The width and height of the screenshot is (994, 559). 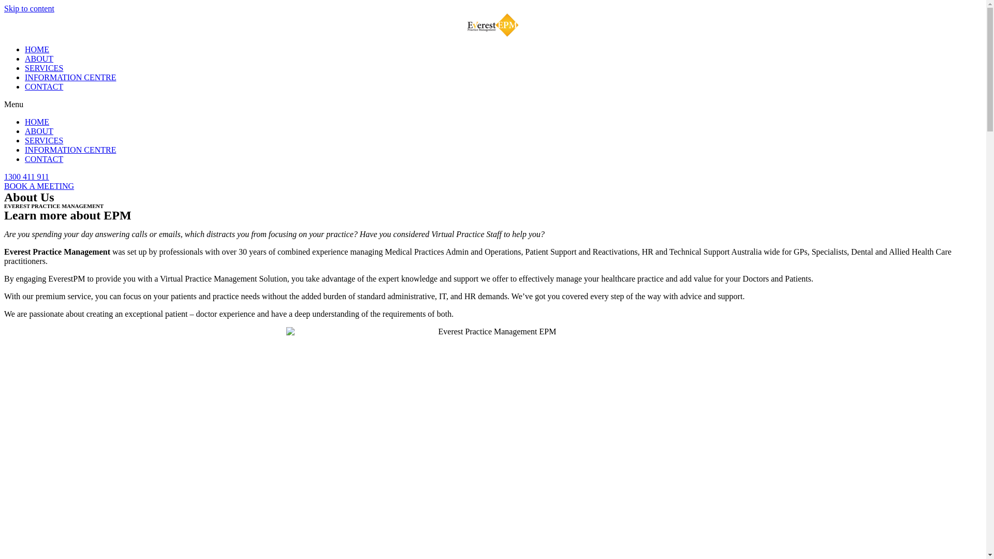 I want to click on 'BOOK A MEETING', so click(x=39, y=185).